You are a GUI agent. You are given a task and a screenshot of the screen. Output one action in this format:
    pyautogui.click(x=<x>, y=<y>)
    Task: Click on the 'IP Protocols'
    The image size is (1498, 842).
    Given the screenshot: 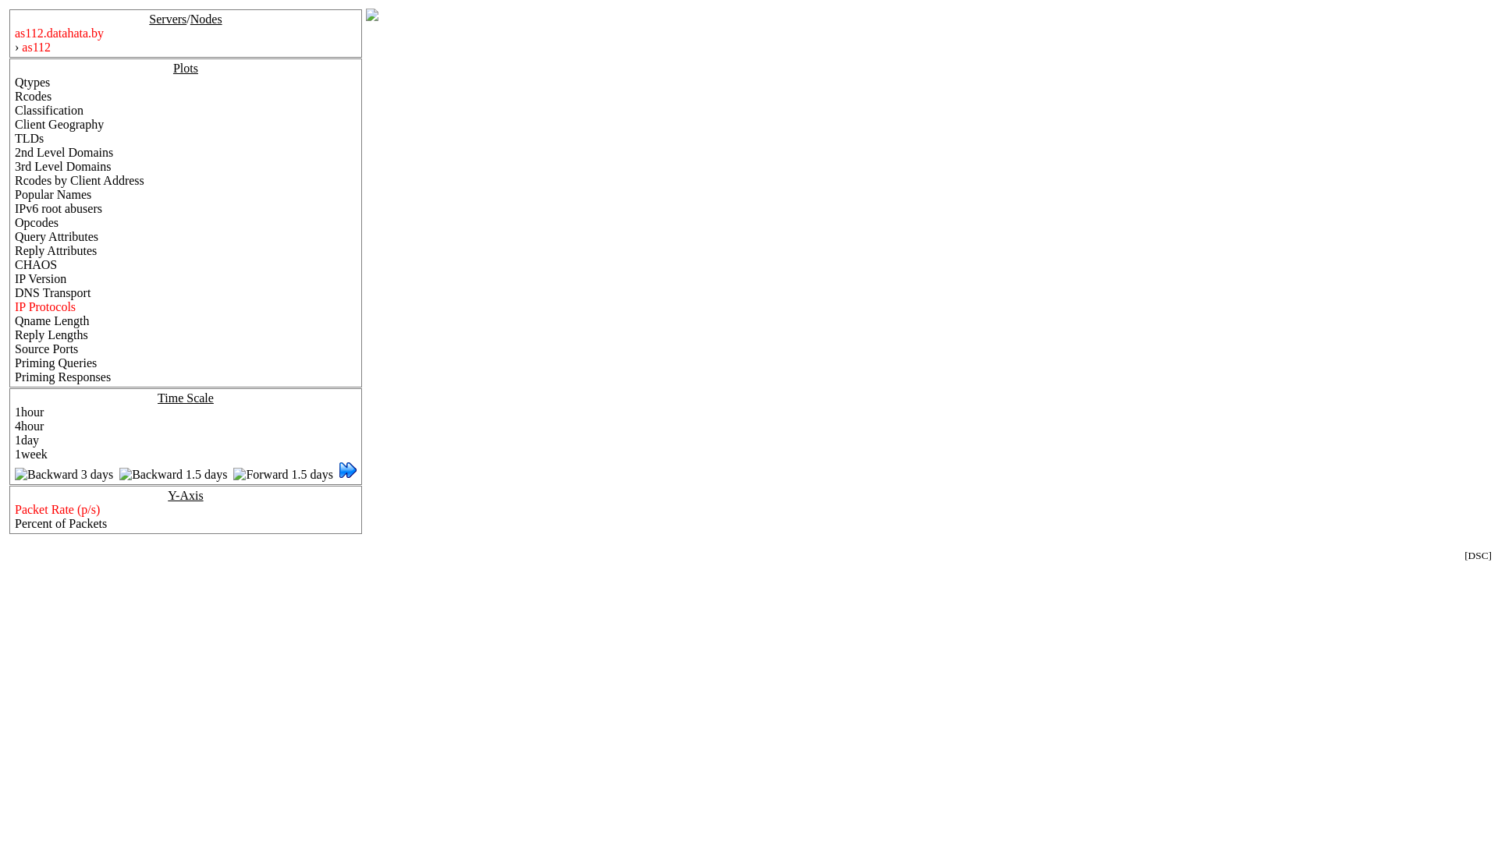 What is the action you would take?
    pyautogui.click(x=44, y=306)
    